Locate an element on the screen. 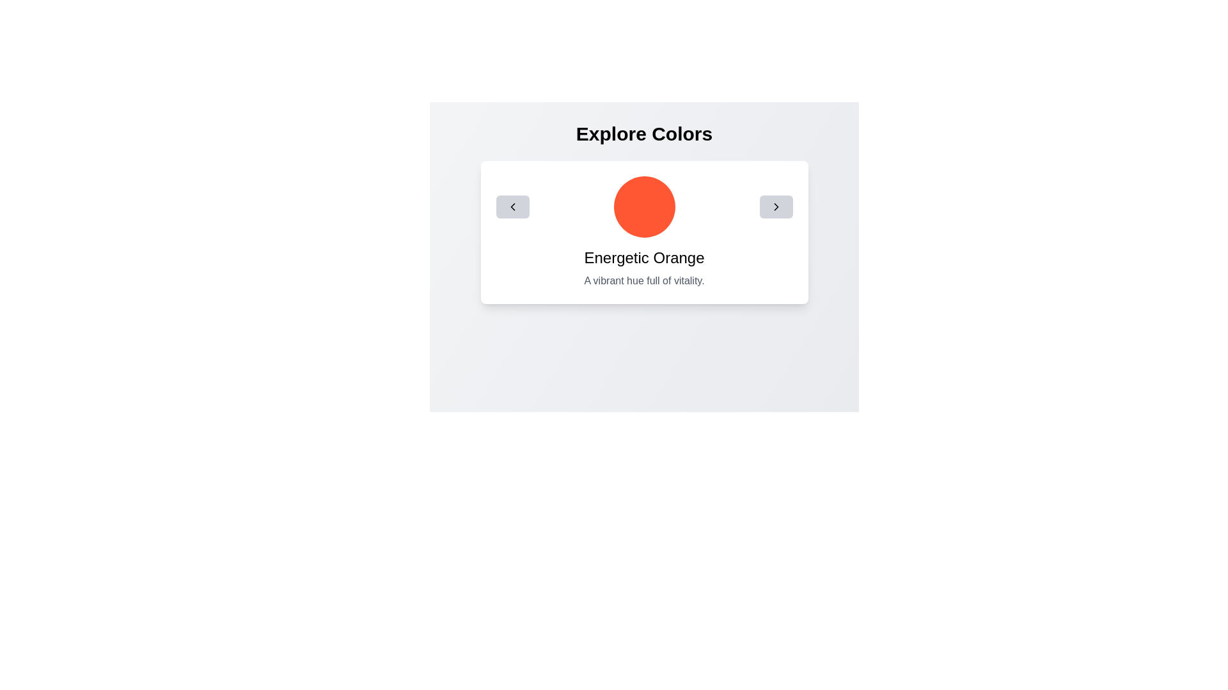  the left-facing chevron button is located at coordinates (512, 206).